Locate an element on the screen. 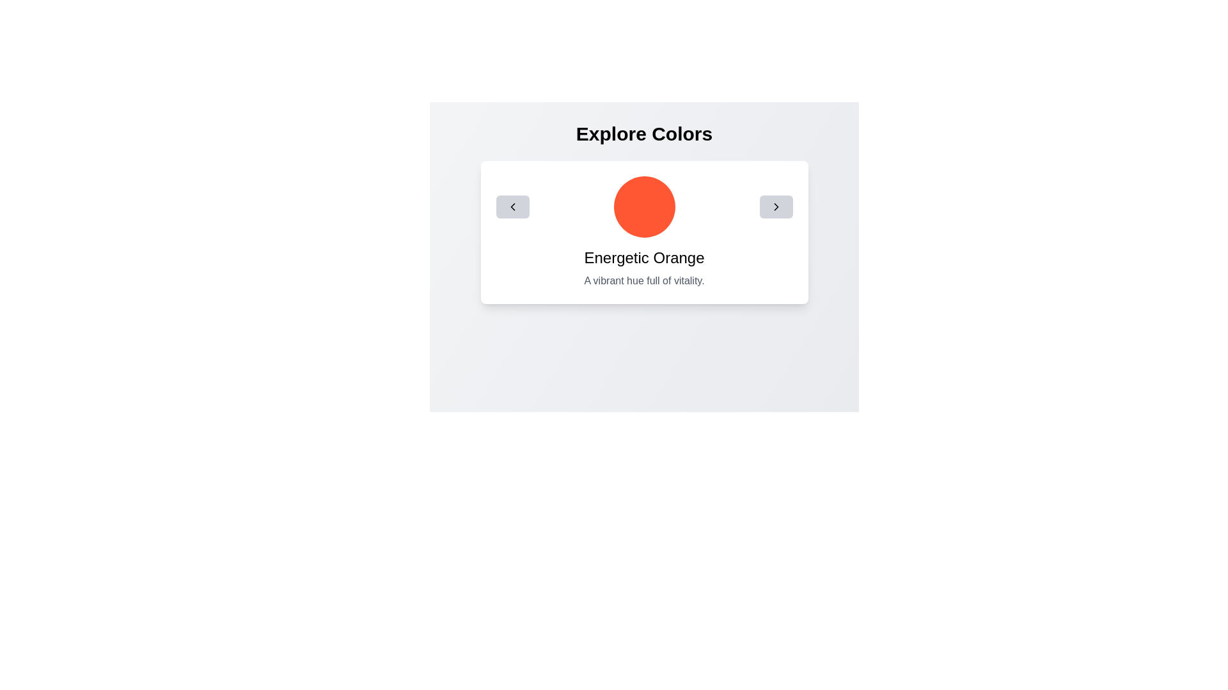  the left-facing chevron button is located at coordinates (512, 206).